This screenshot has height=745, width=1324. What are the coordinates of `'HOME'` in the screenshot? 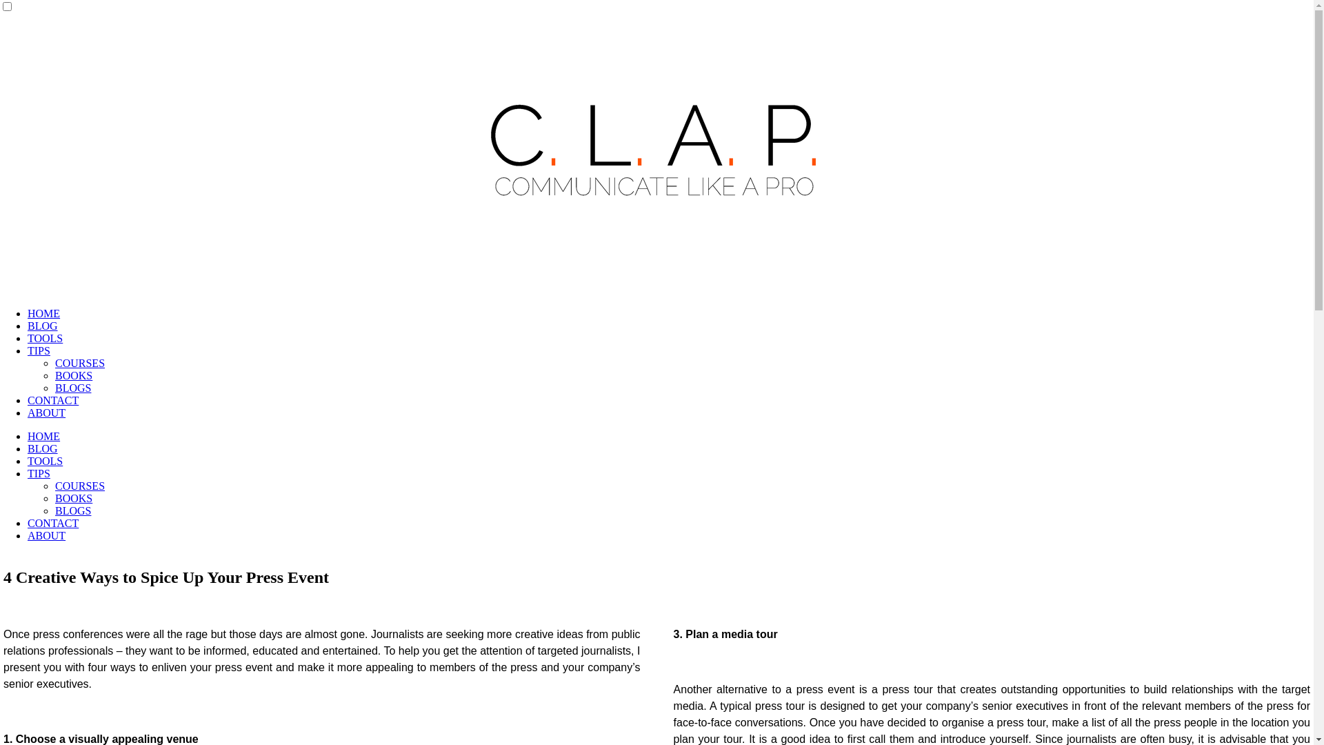 It's located at (43, 313).